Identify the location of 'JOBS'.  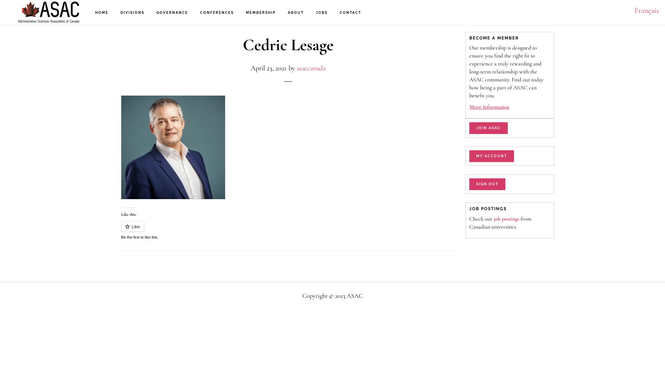
(321, 13).